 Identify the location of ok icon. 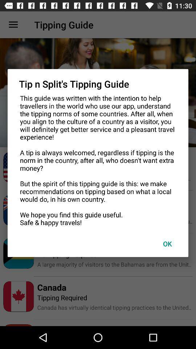
(167, 244).